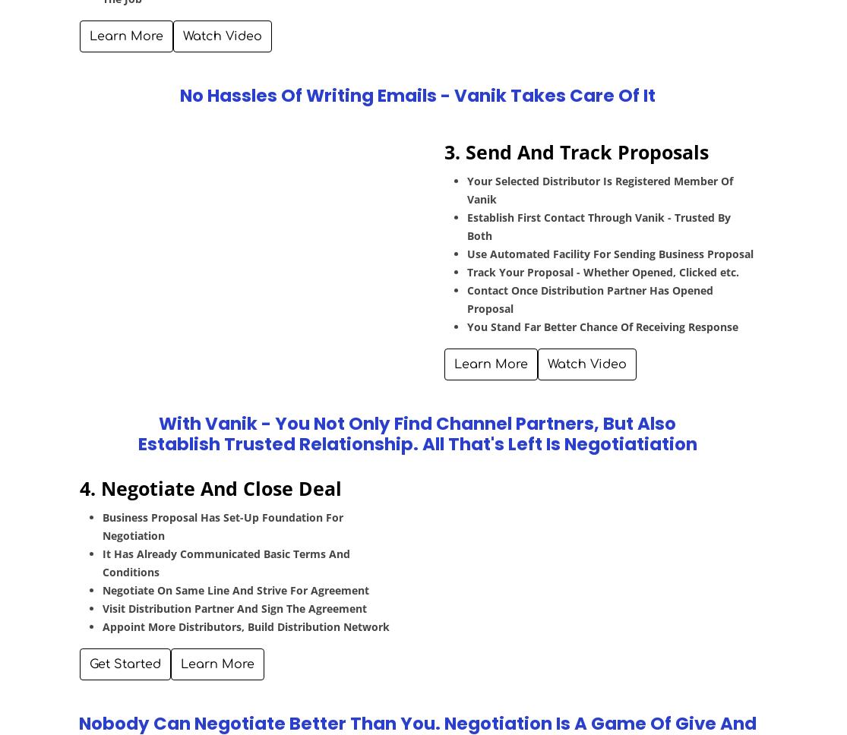  What do you see at coordinates (602, 271) in the screenshot?
I see `'Track Your Proposal - Whether Opened, Clicked etc.'` at bounding box center [602, 271].